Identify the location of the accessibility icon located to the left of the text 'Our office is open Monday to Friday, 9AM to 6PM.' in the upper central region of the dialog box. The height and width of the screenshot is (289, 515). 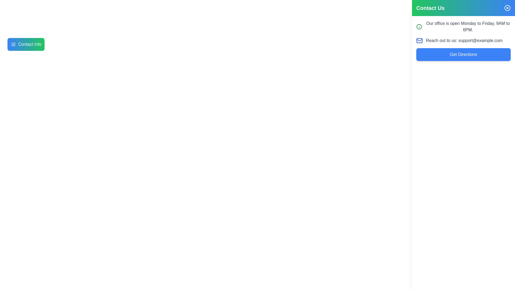
(419, 27).